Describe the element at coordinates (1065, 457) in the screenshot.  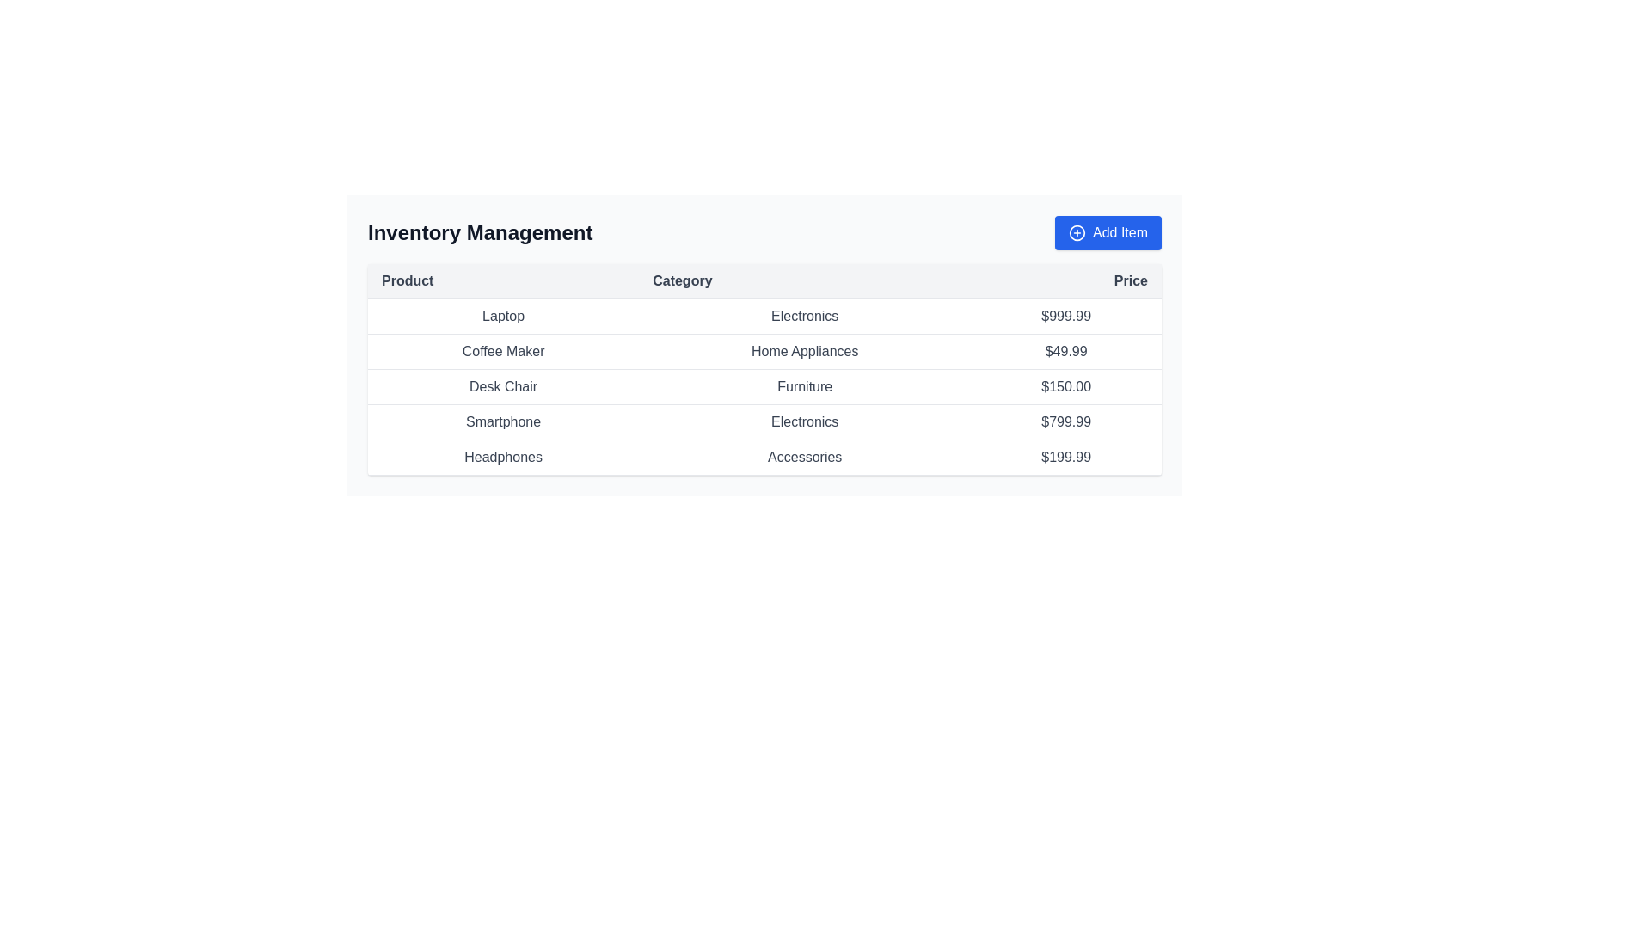
I see `the text label displaying '$199.99' in bold, which is located in the last column of the row for 'Headphones' and 'Accessories' in a data table` at that location.